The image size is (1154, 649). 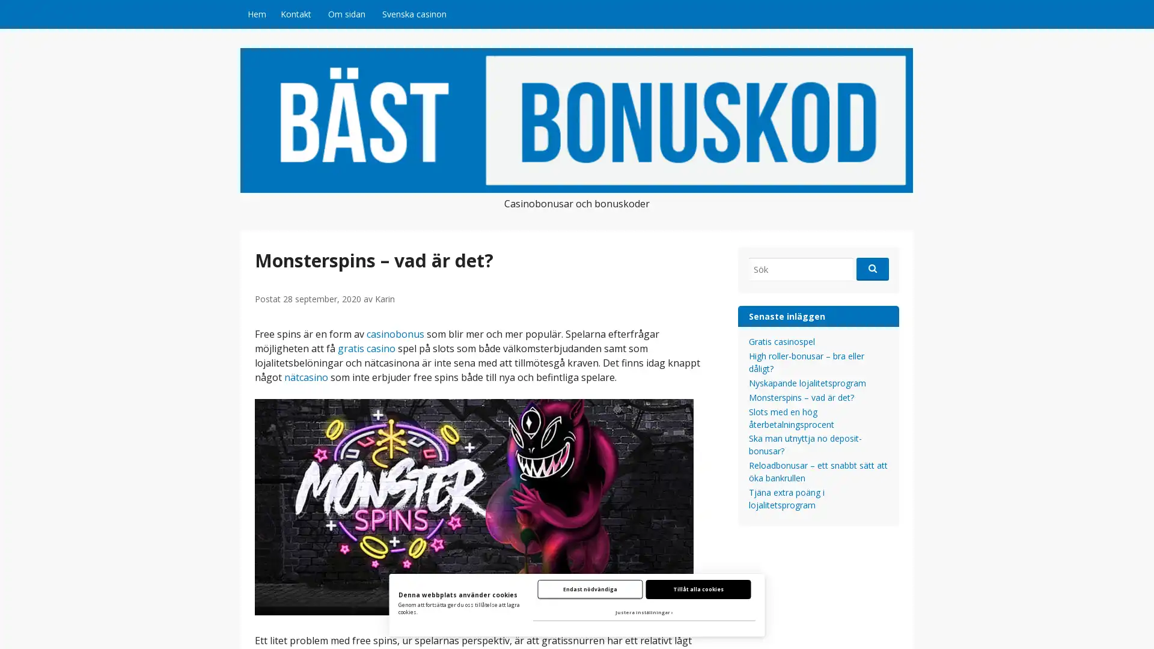 I want to click on Endast nodvandiga, so click(x=590, y=588).